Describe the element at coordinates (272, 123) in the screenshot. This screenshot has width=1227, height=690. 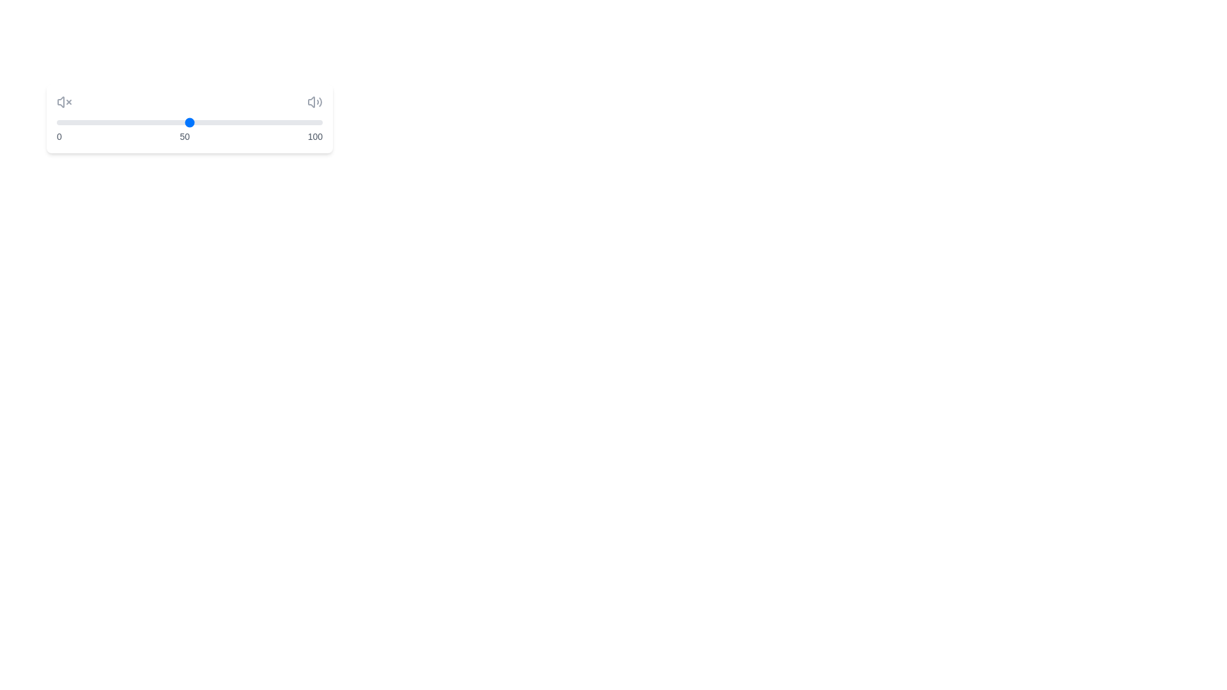
I see `the slider to set the volume to 81%` at that location.